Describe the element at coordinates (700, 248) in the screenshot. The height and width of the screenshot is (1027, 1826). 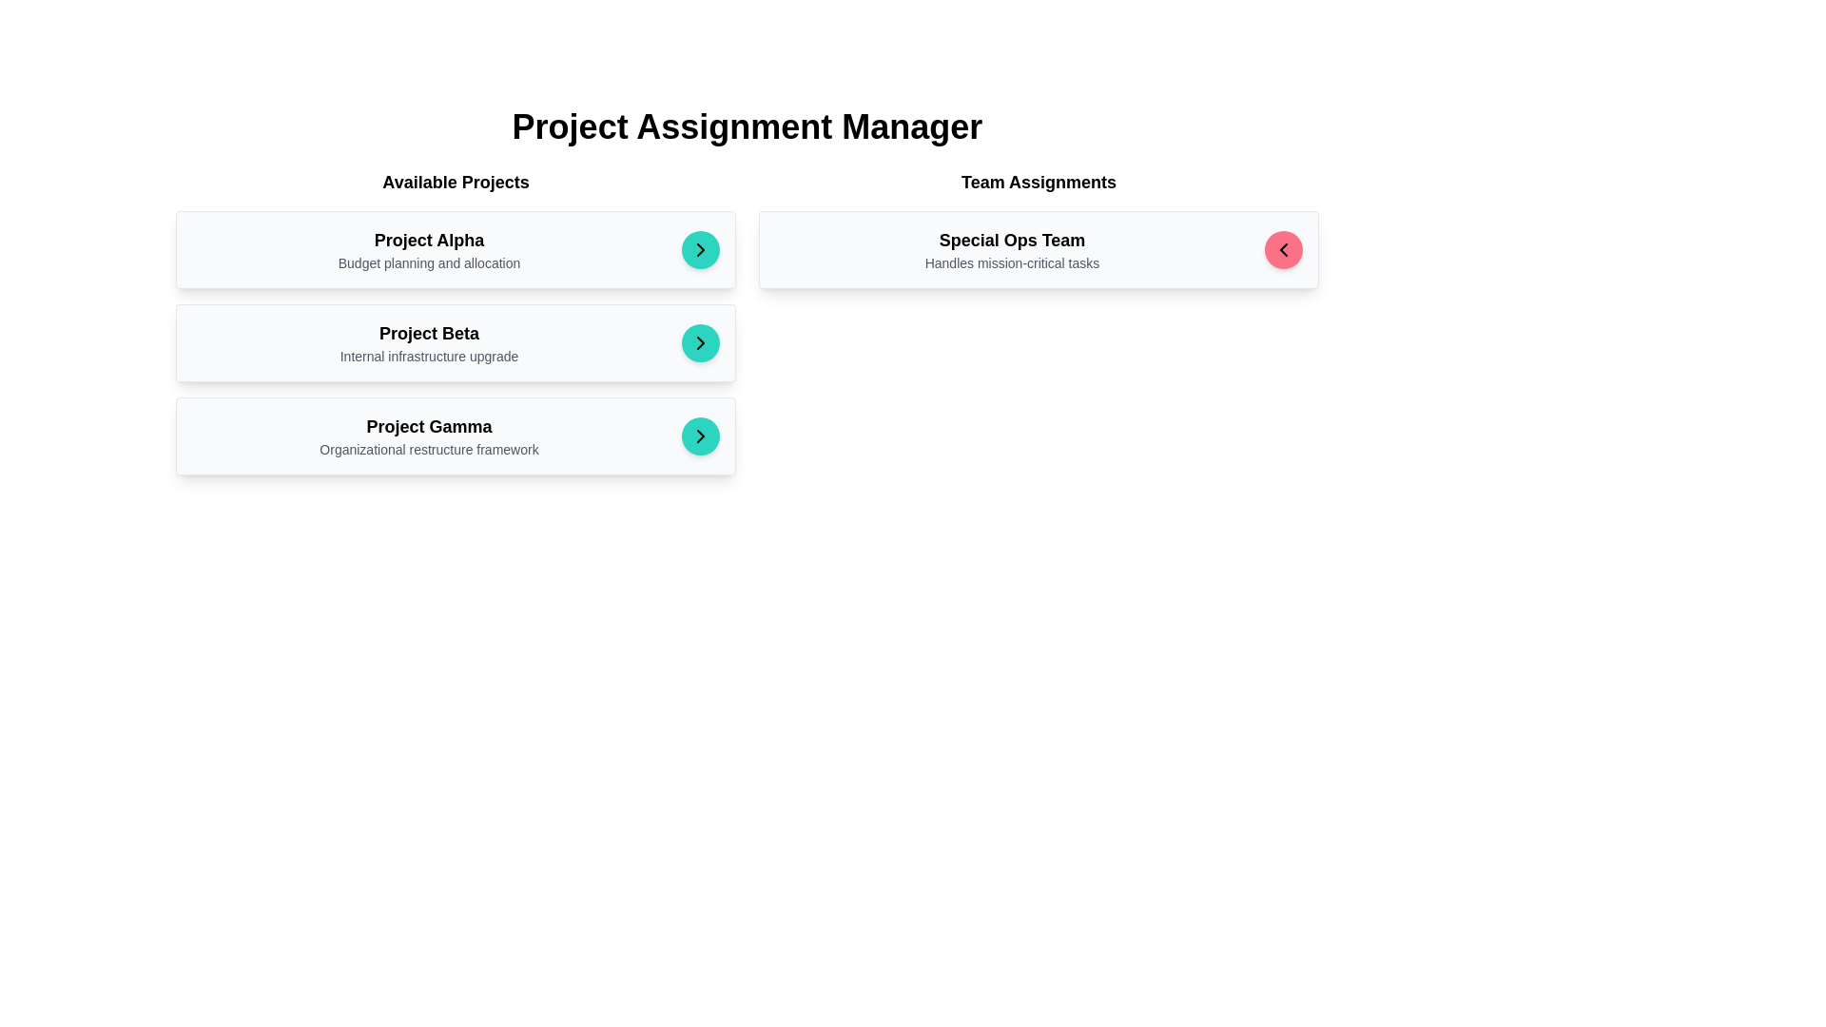
I see `the circular teal button with a rightward-pointing chevron icon located at the right end of the 'Project Alpha' card in the 'Available Projects' section to trigger a visual effect` at that location.